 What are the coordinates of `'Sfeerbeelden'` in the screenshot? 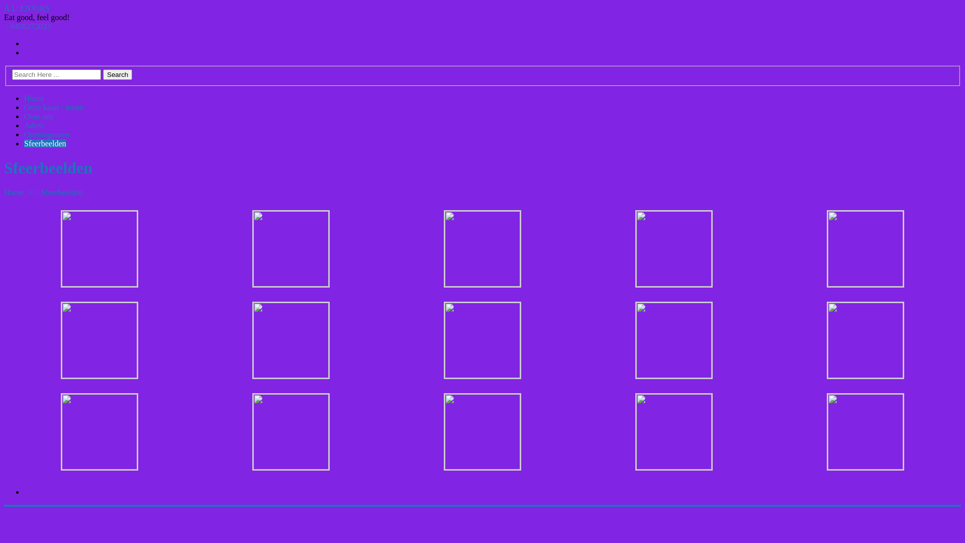 It's located at (45, 143).